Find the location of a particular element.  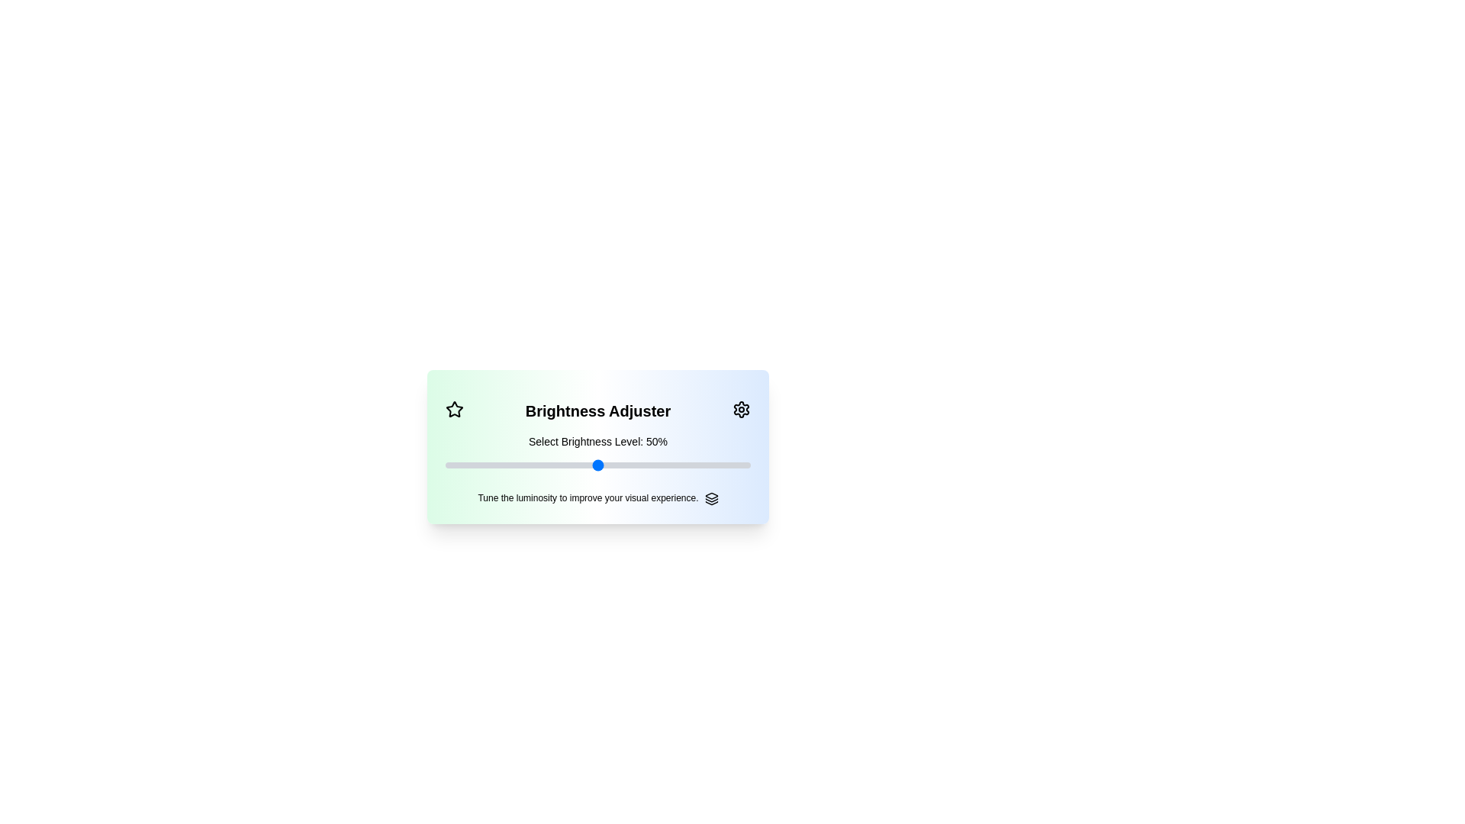

the brightness level to 99% by moving the slider is located at coordinates (747, 464).